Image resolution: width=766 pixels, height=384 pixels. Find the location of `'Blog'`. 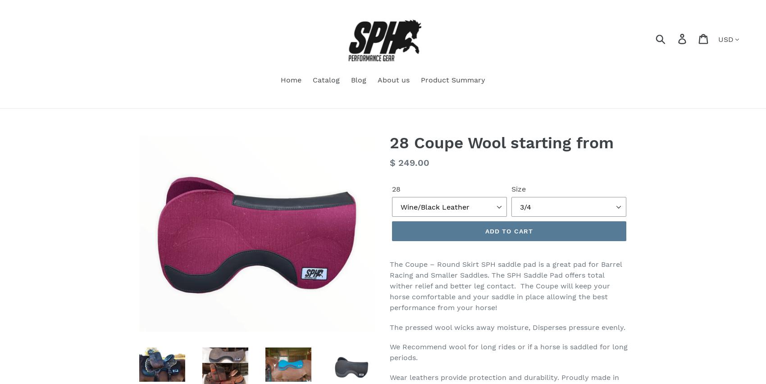

'Blog' is located at coordinates (358, 79).